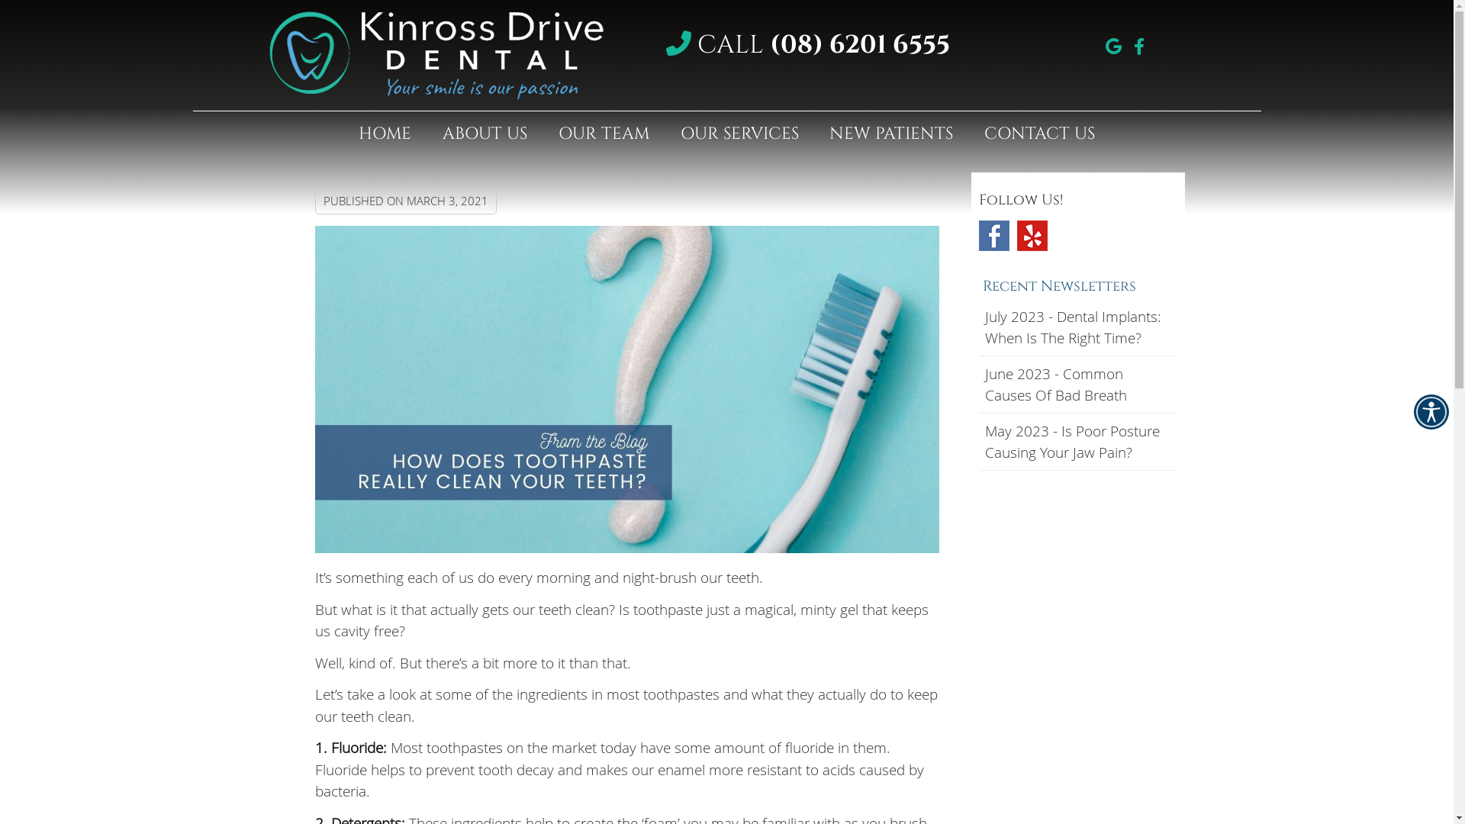  Describe the element at coordinates (1039, 134) in the screenshot. I see `'CONTACT US'` at that location.